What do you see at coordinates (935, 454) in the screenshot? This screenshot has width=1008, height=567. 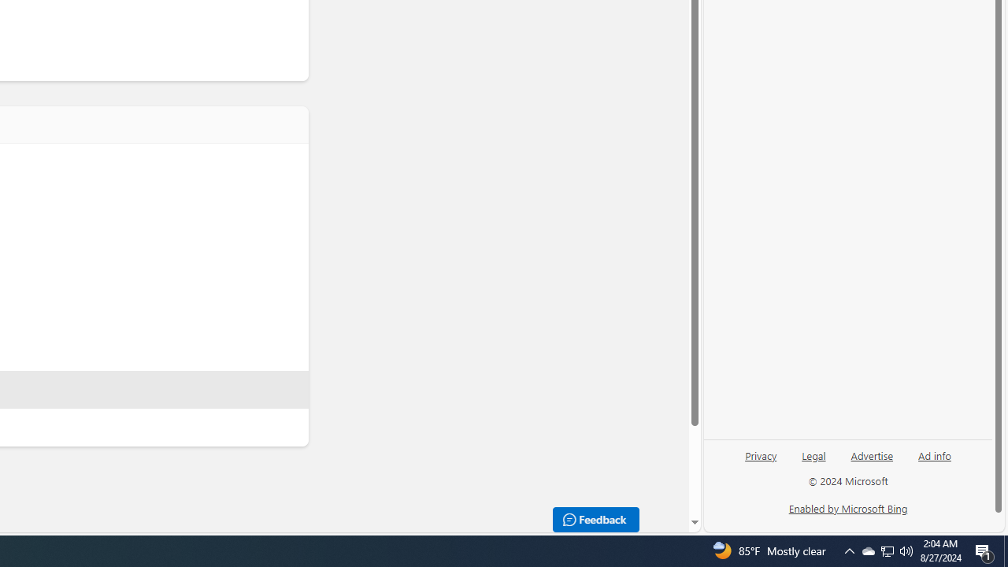 I see `'Ad info'` at bounding box center [935, 454].